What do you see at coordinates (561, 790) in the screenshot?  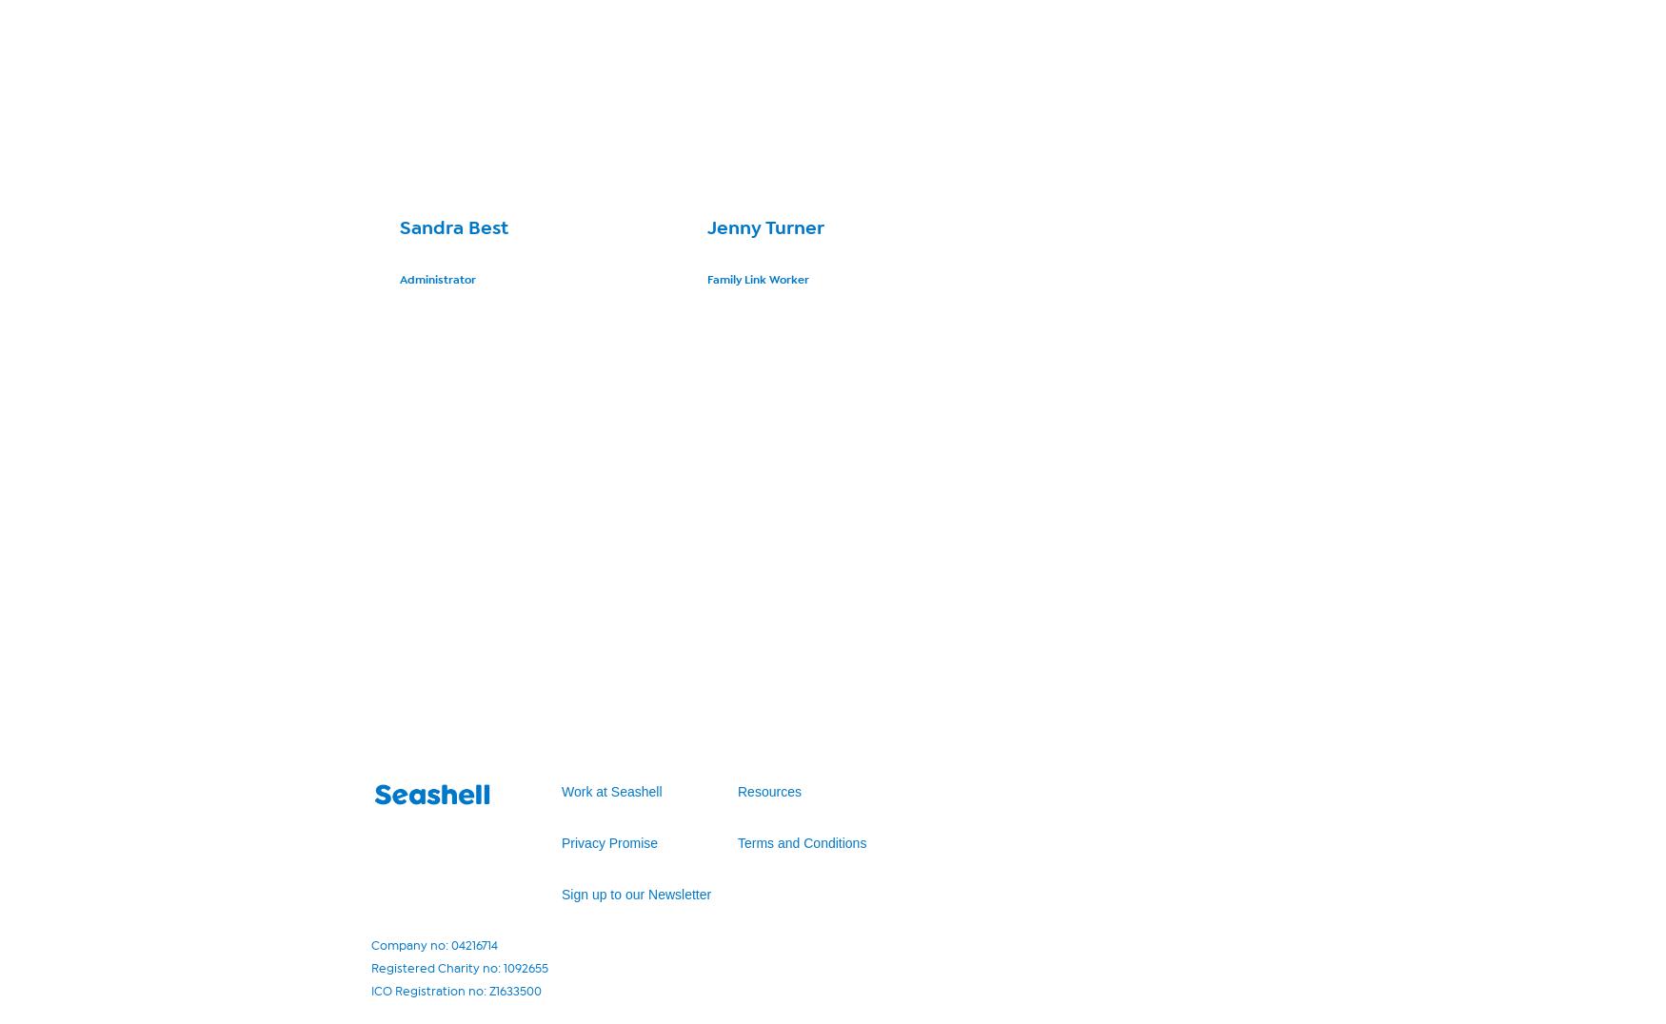 I see `'Work at Seashell'` at bounding box center [561, 790].